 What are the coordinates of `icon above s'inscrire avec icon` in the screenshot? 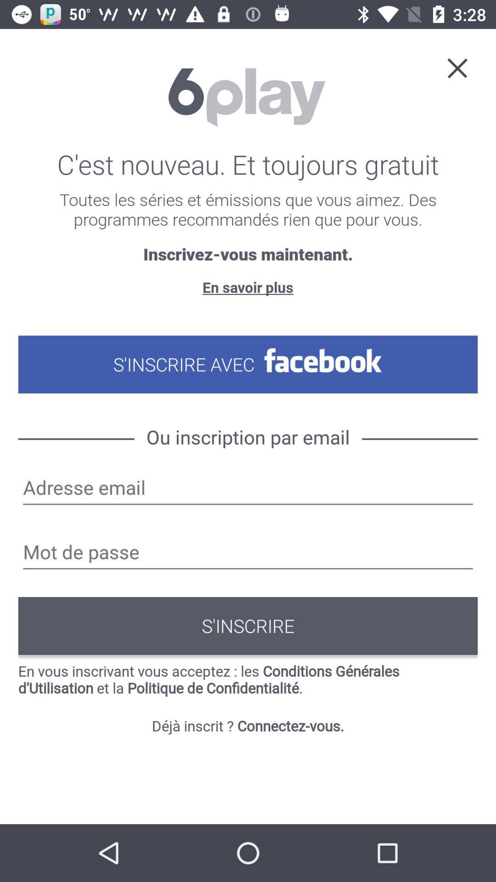 It's located at (248, 287).